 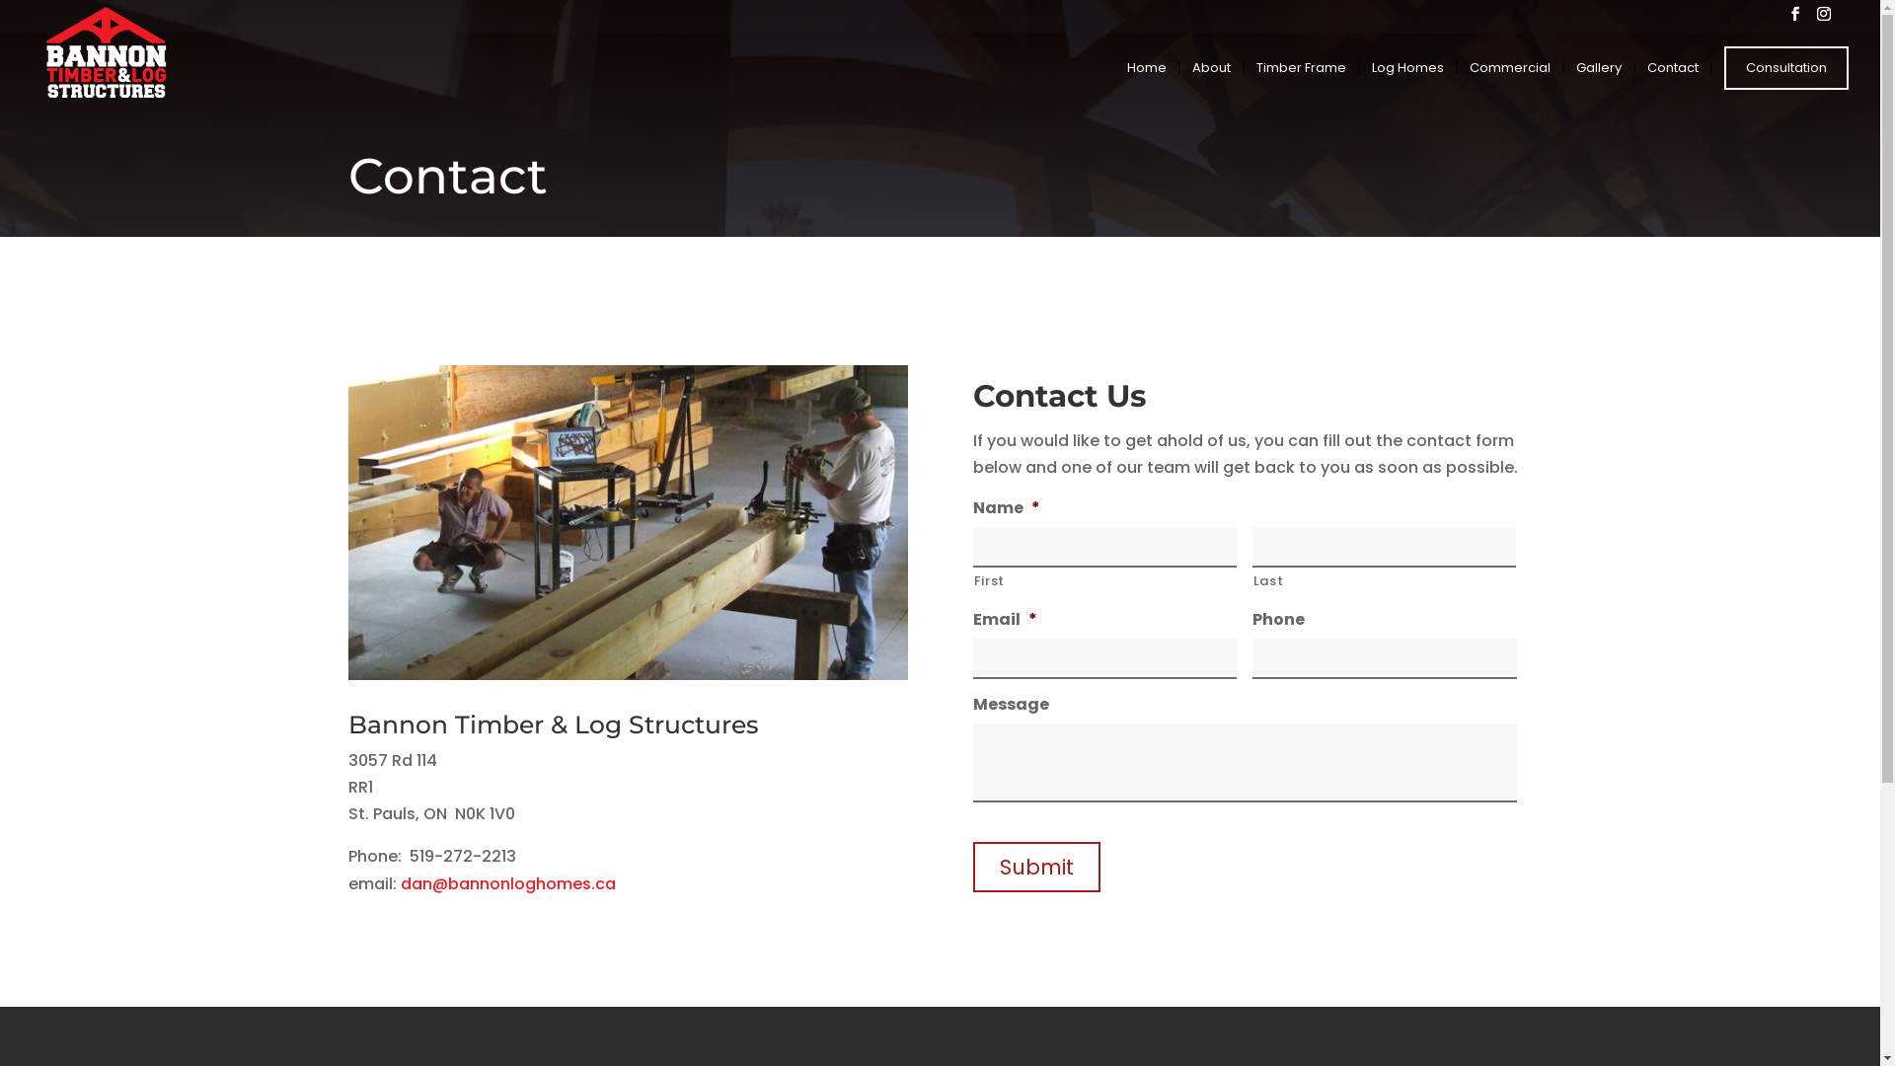 I want to click on 'Commercial', so click(x=1509, y=81).